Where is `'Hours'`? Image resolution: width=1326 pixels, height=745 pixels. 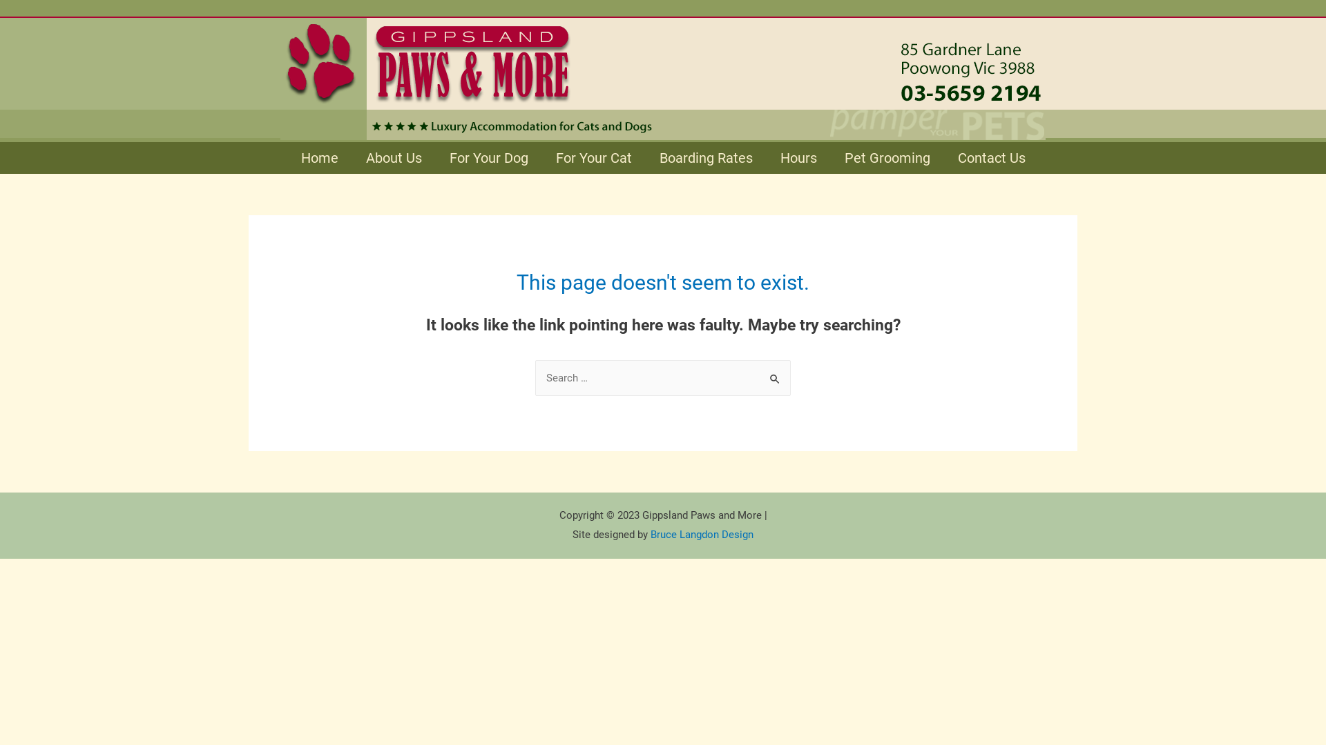
'Hours' is located at coordinates (798, 157).